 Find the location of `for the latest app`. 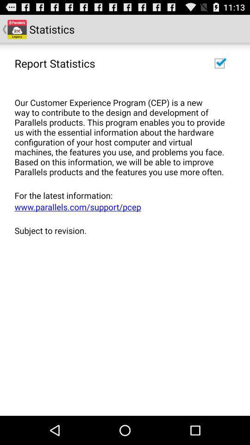

for the latest app is located at coordinates (122, 195).